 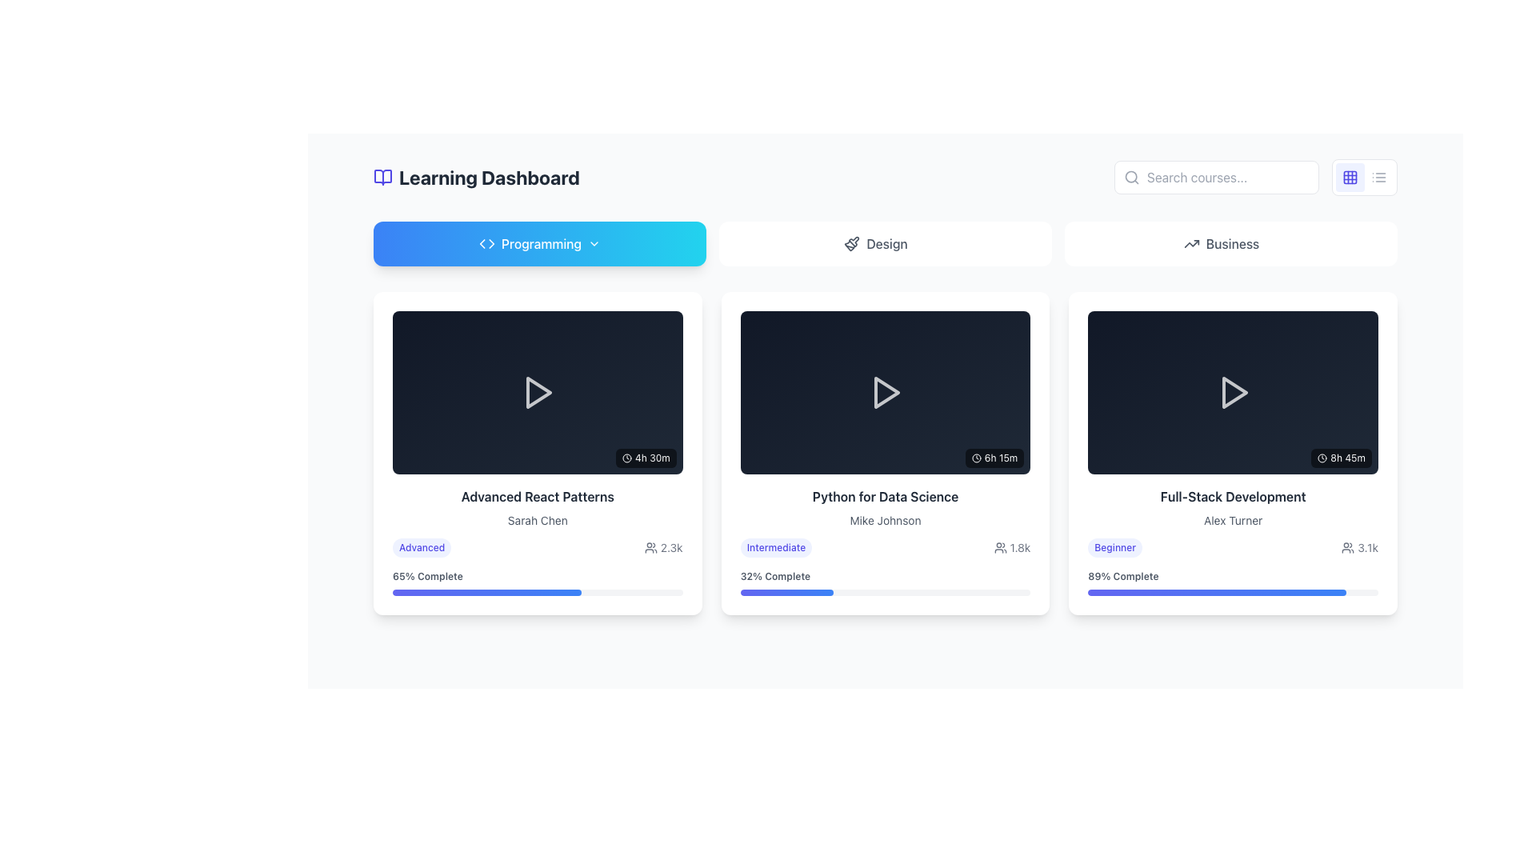 I want to click on textual numeric value '3.1k' displayed in gray font, located in the bottom-right corner of the 'Programming' course card, adjacent to the group icon and below the main video preview area, so click(x=1359, y=546).